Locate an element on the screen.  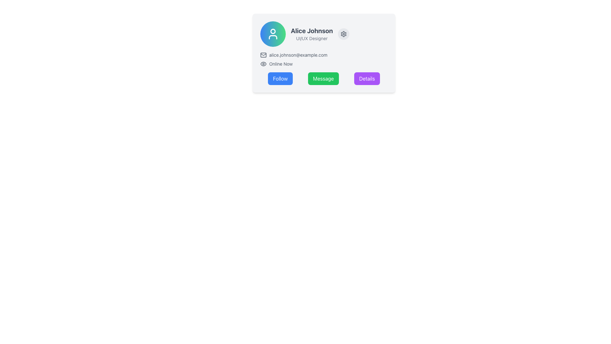
the 'Message' button located in the user profile card for 'Alice Johnson', which is the middle button among 'Follow', 'Message', and 'Details' is located at coordinates (324, 78).